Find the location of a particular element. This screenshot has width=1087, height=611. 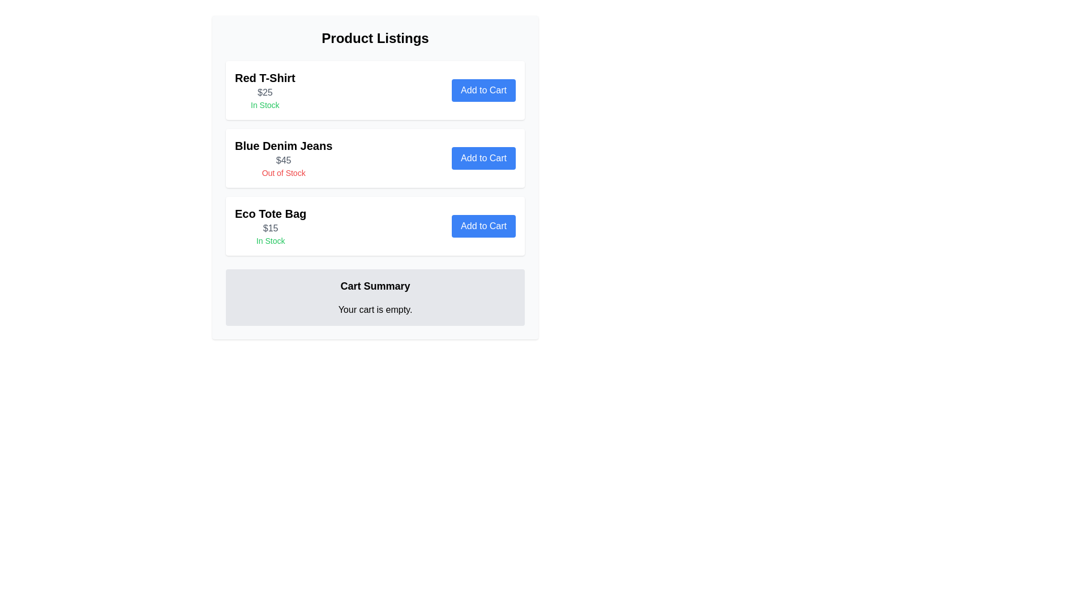

text label indicating the stock availability status of the product 'Eco Tote Bag', which is located below the price label ($15) in the product list is located at coordinates (270, 240).